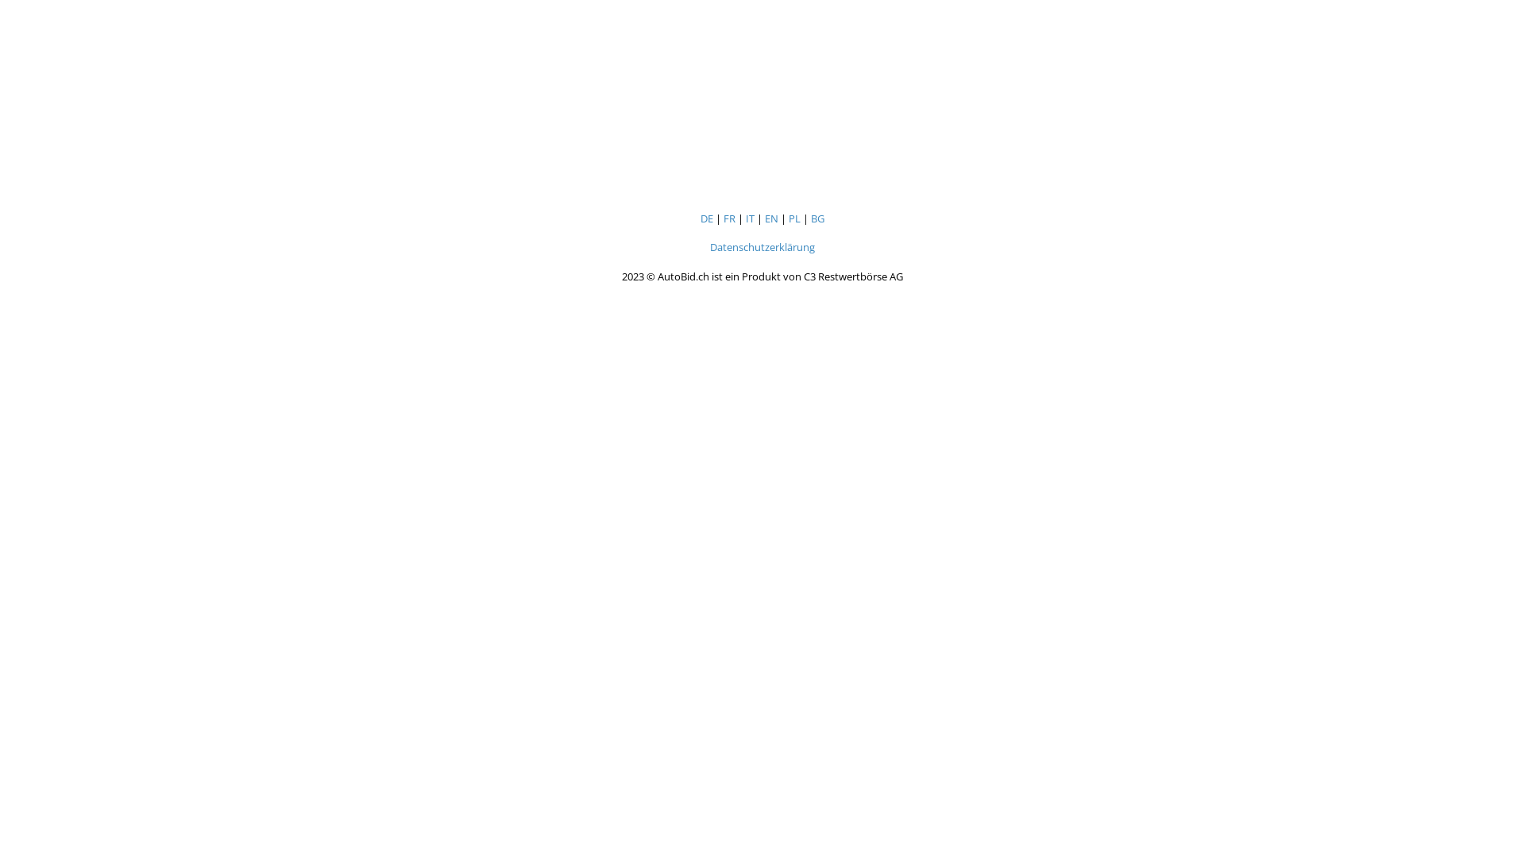 Image resolution: width=1525 pixels, height=858 pixels. Describe the element at coordinates (700, 218) in the screenshot. I see `'DE'` at that location.